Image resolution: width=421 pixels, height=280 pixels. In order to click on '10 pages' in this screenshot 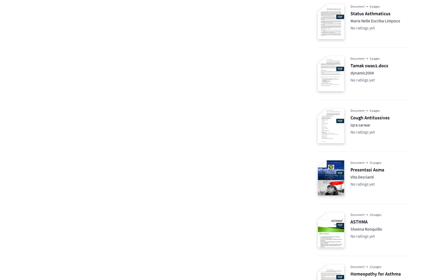, I will do `click(369, 215)`.